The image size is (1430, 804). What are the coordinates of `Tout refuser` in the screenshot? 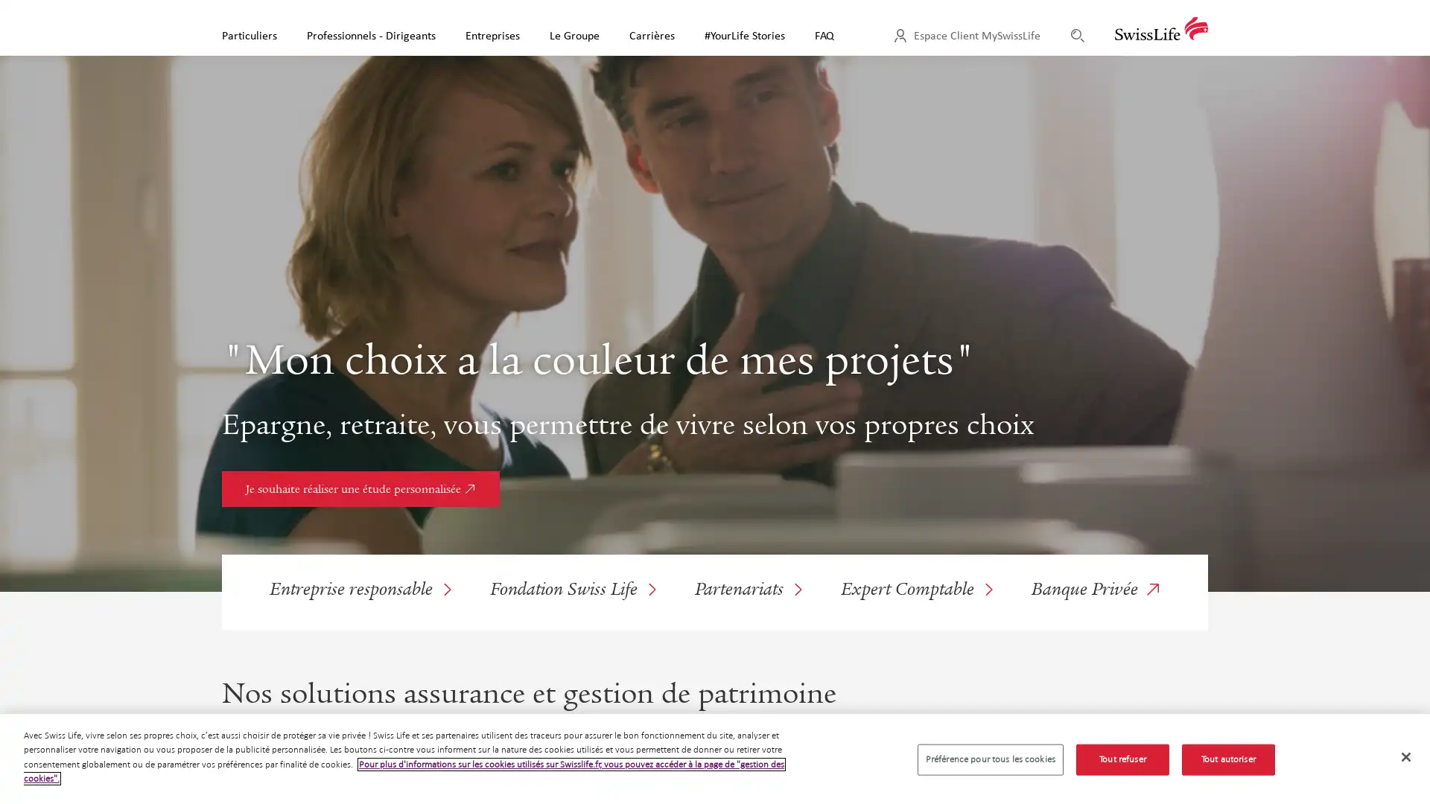 It's located at (1122, 759).